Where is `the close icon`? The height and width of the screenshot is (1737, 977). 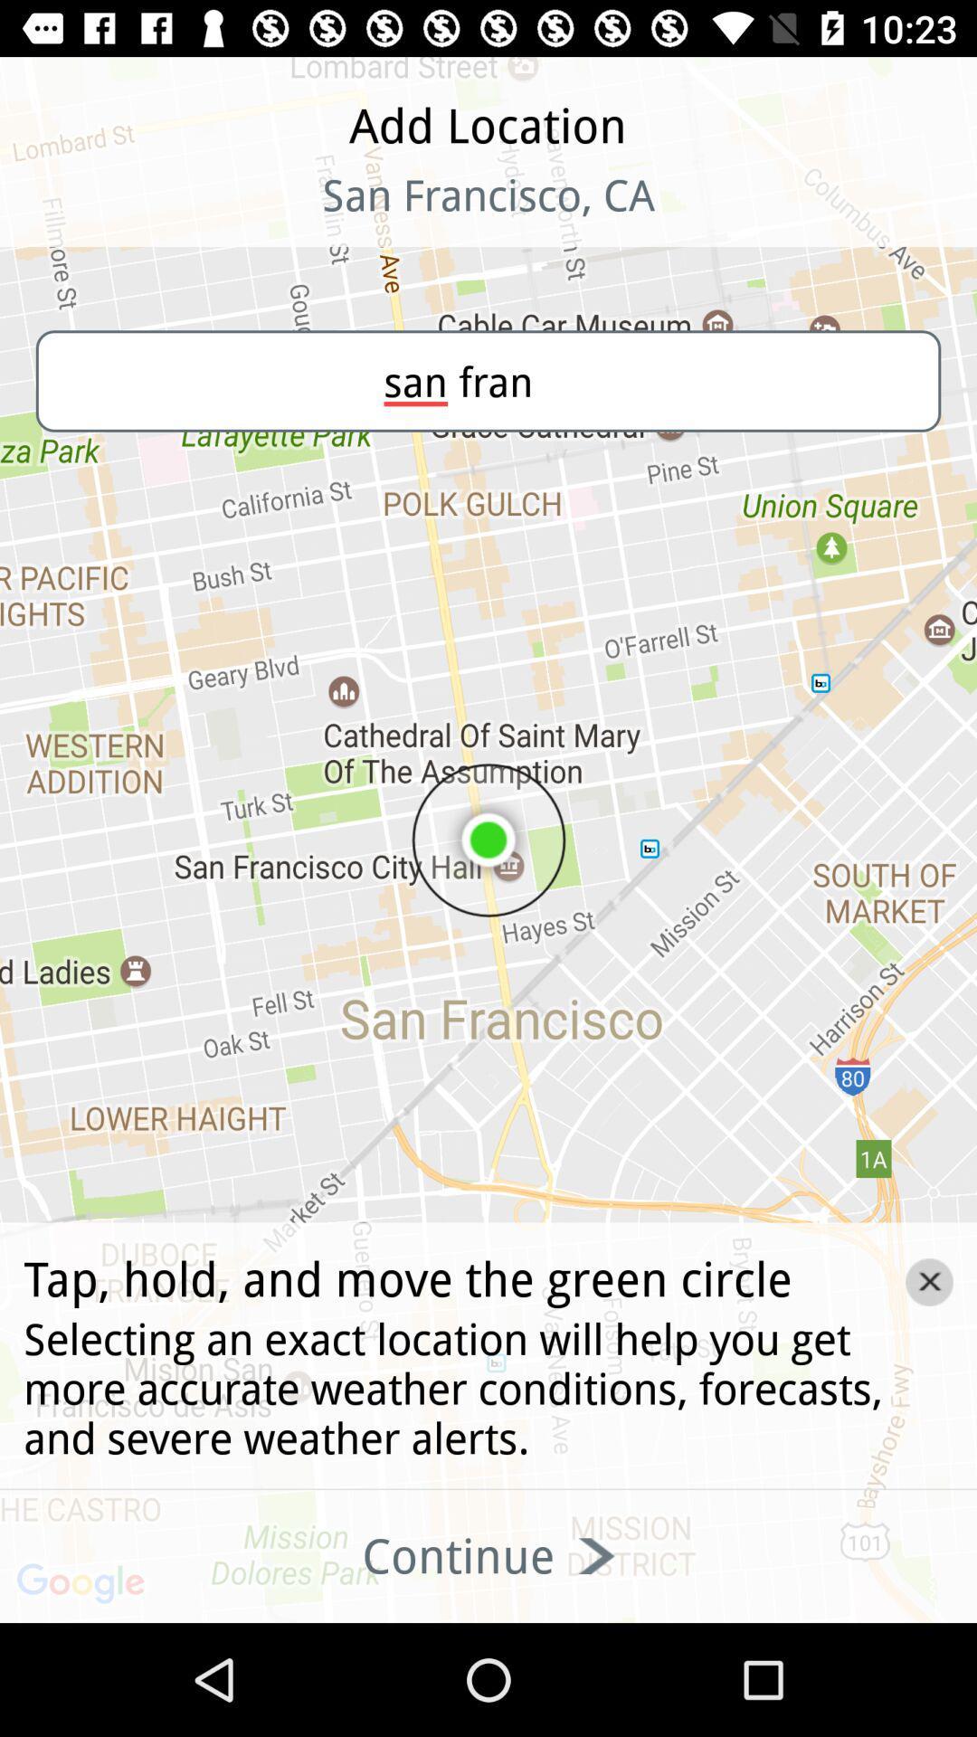 the close icon is located at coordinates (929, 1281).